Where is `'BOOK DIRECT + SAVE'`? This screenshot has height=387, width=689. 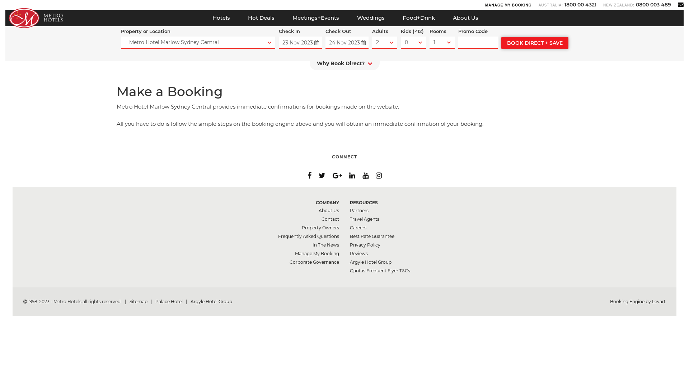 'BOOK DIRECT + SAVE' is located at coordinates (501, 43).